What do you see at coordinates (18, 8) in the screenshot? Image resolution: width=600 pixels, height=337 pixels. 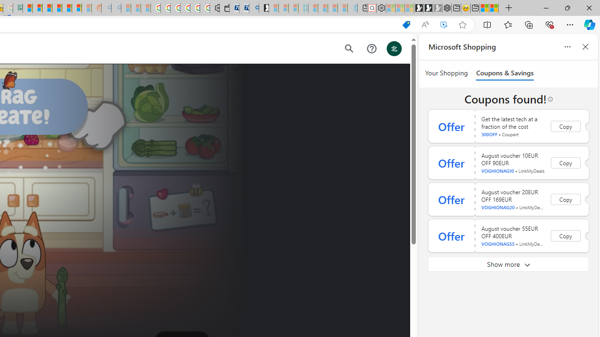 I see `'DITOGAMES AG Imprint'` at bounding box center [18, 8].